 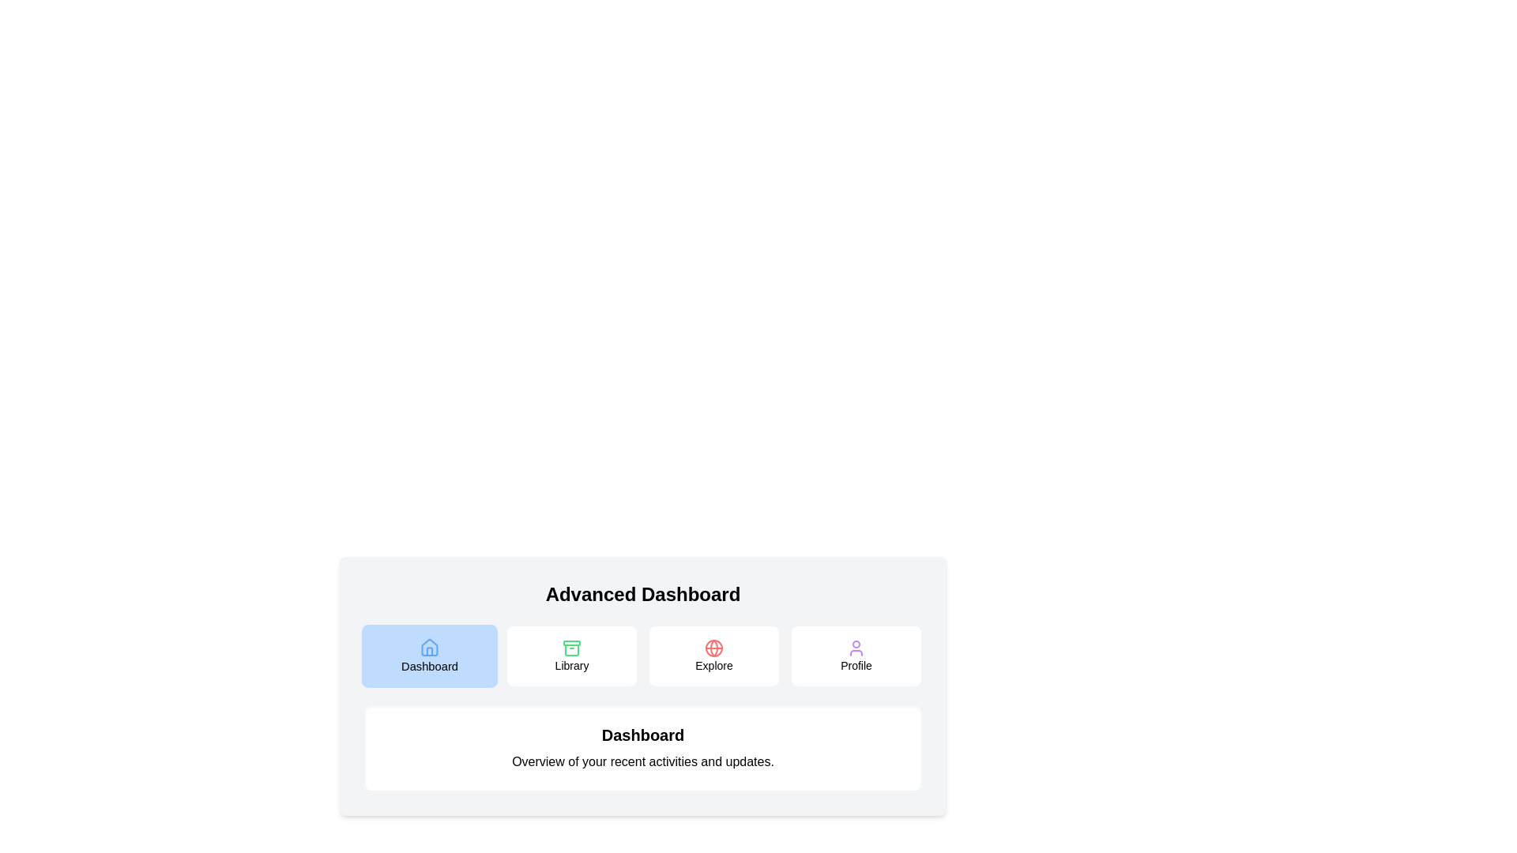 What do you see at coordinates (429, 656) in the screenshot?
I see `the Dashboard tab by clicking its button` at bounding box center [429, 656].